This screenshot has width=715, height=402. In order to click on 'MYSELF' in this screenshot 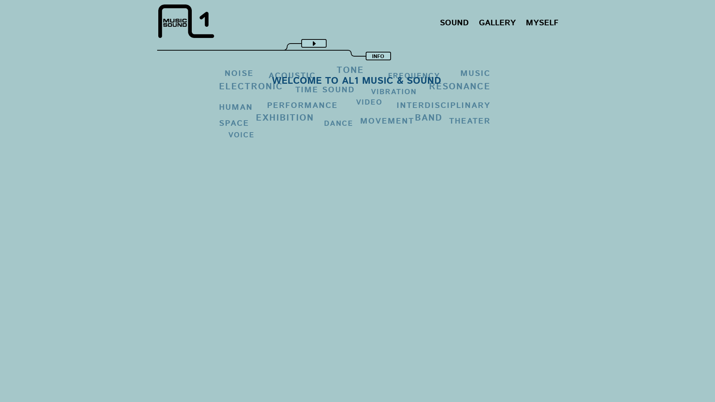, I will do `click(525, 22)`.